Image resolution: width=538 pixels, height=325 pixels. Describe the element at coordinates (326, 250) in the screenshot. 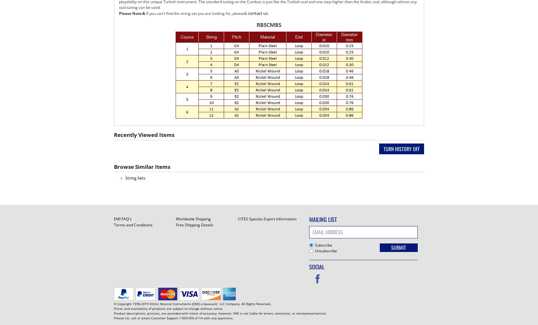

I see `'Unsubscribe'` at that location.